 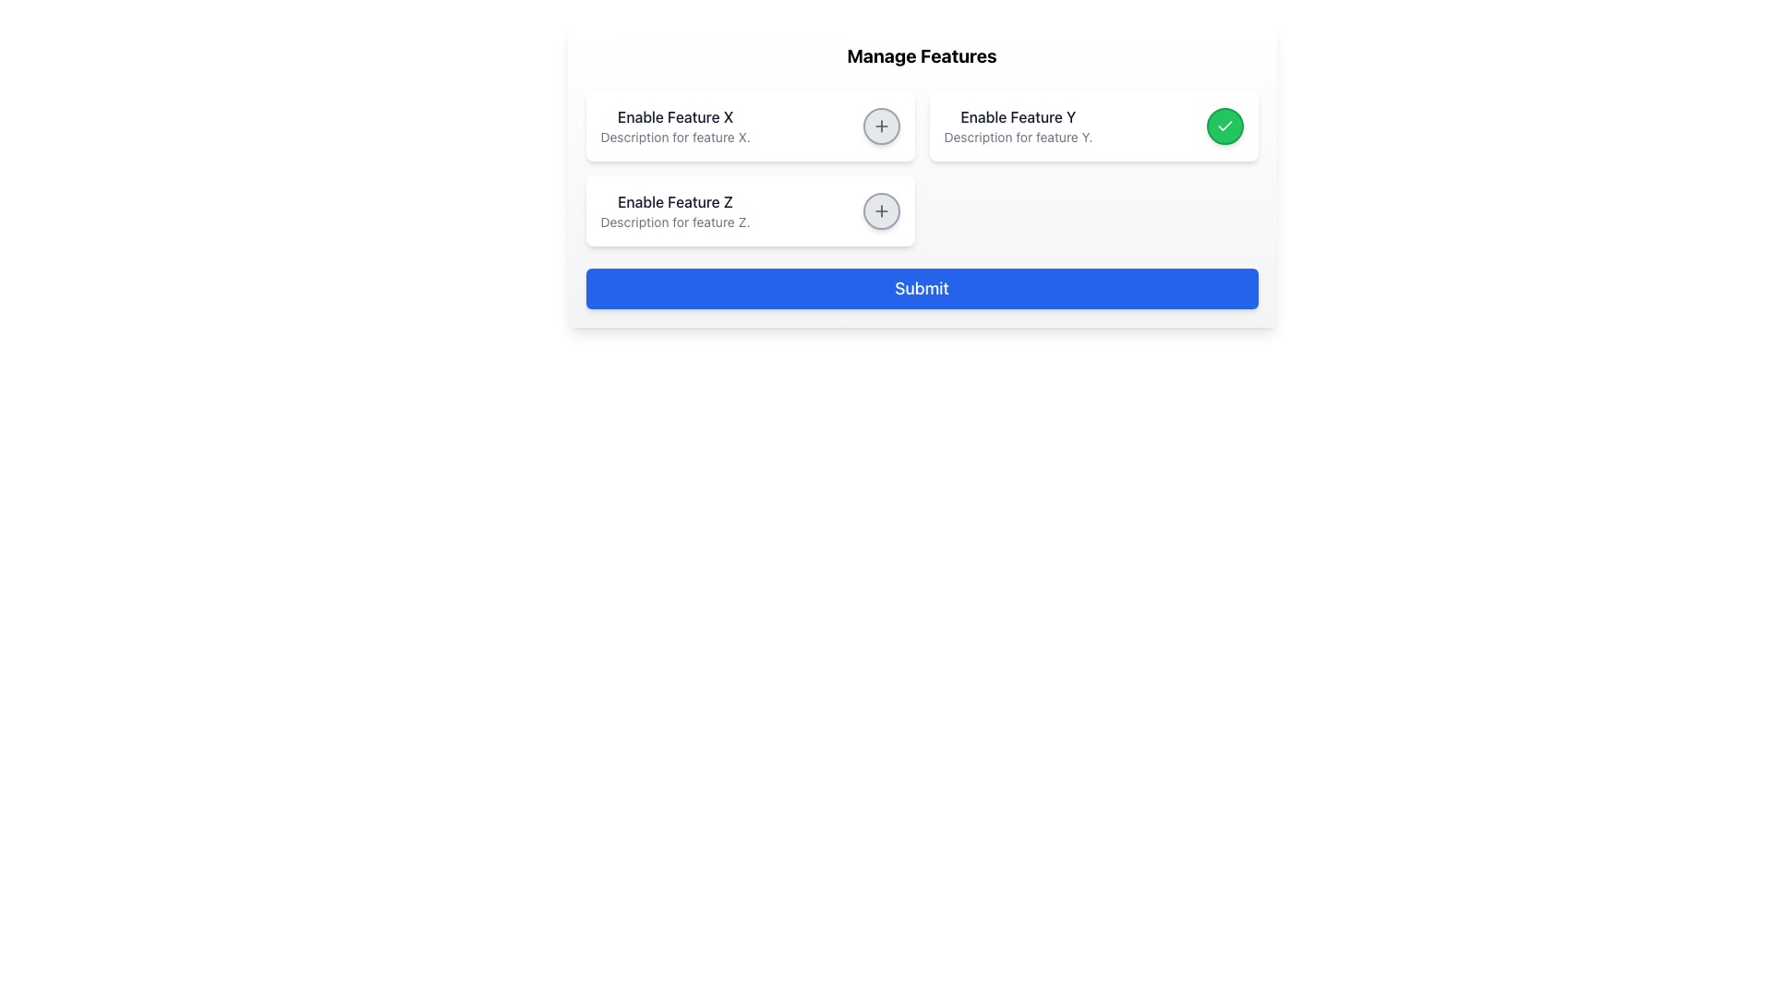 What do you see at coordinates (1017, 117) in the screenshot?
I see `the static text label displaying 'Enable Feature Y', which is located in the second option row of the 'Manage Features' section, aligned with a green check icon on its right` at bounding box center [1017, 117].